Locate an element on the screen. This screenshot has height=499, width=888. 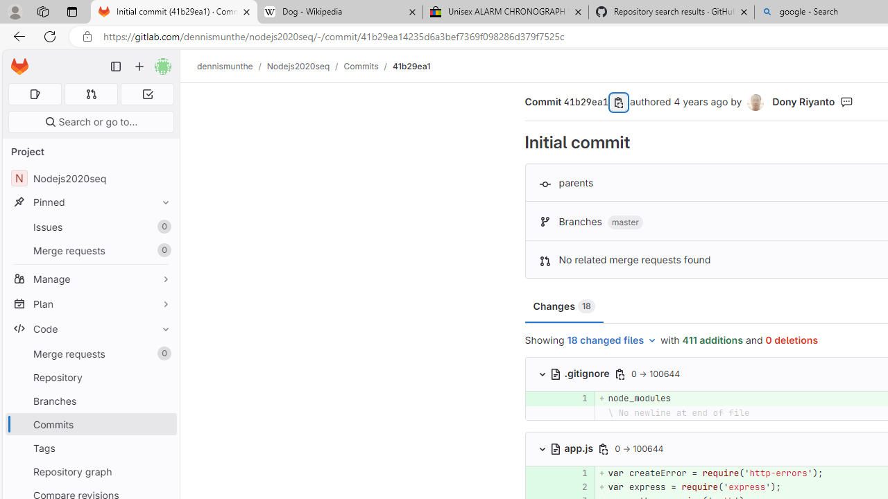
'2' is located at coordinates (575, 486).